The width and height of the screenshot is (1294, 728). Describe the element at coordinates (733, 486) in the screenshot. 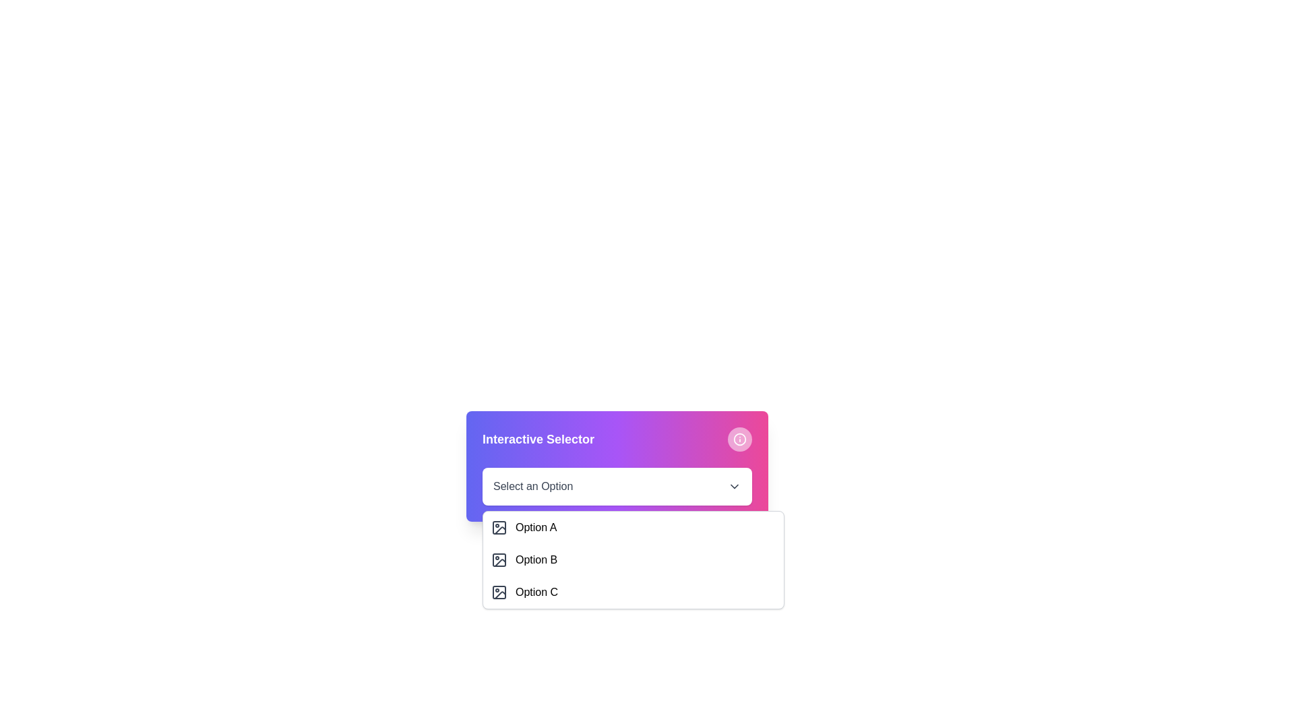

I see `the dropdown menu icon located to the far right of the 'Select an Option' button` at that location.